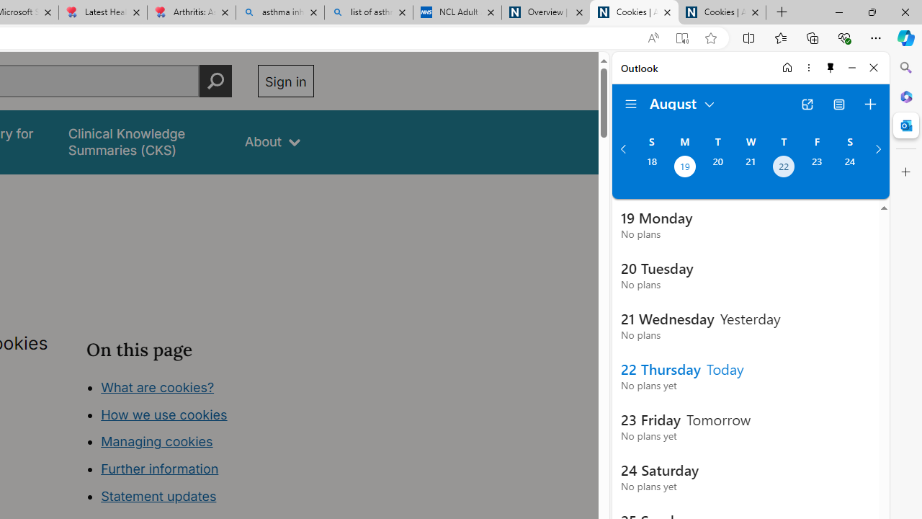 The image size is (922, 519). I want to click on 'Create event', so click(869, 104).